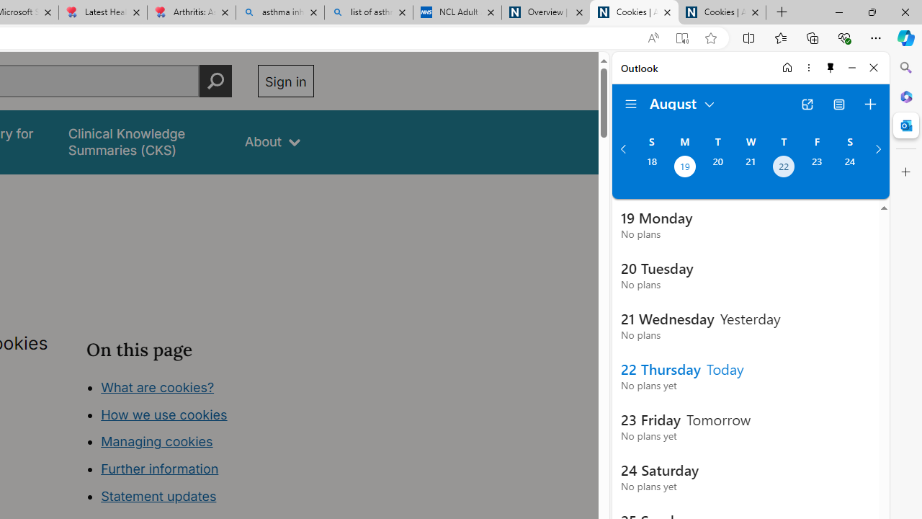 The image size is (922, 519). I want to click on 'Create event', so click(869, 104).